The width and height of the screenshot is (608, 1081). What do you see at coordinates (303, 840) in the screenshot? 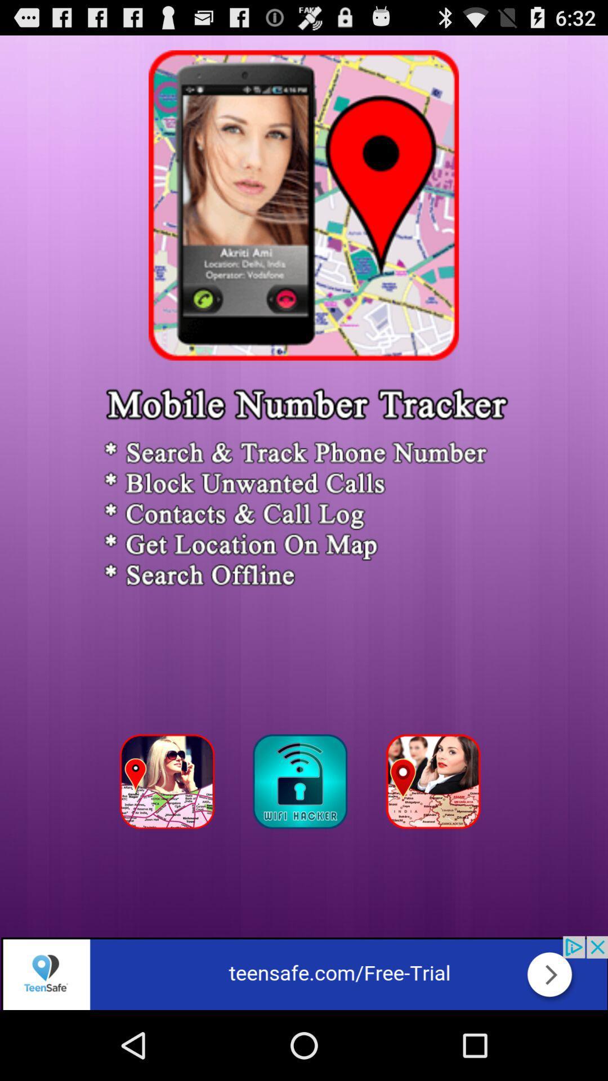
I see `the network_wifi icon` at bounding box center [303, 840].